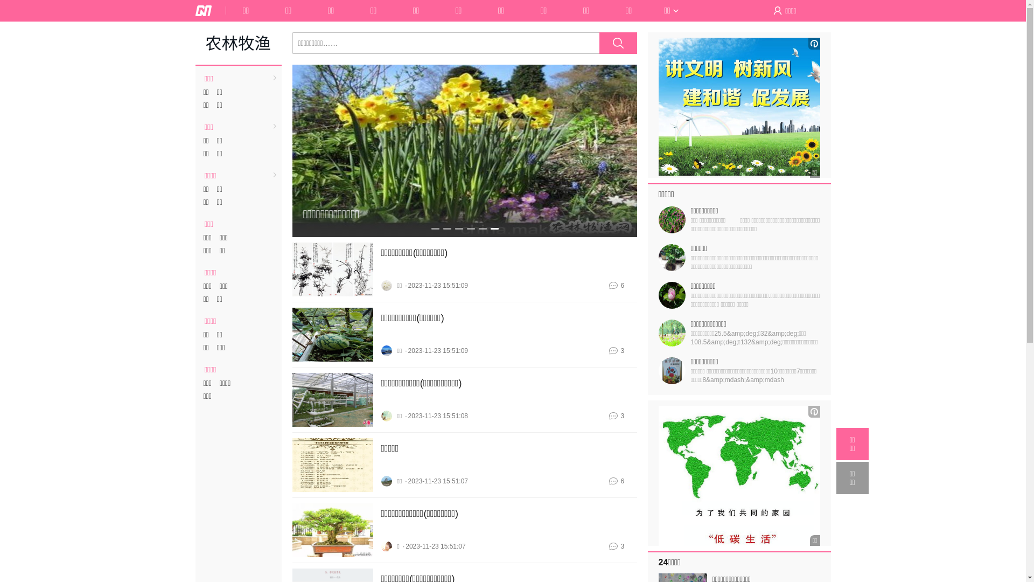 This screenshot has width=1034, height=582. Describe the element at coordinates (608, 415) in the screenshot. I see `'3'` at that location.